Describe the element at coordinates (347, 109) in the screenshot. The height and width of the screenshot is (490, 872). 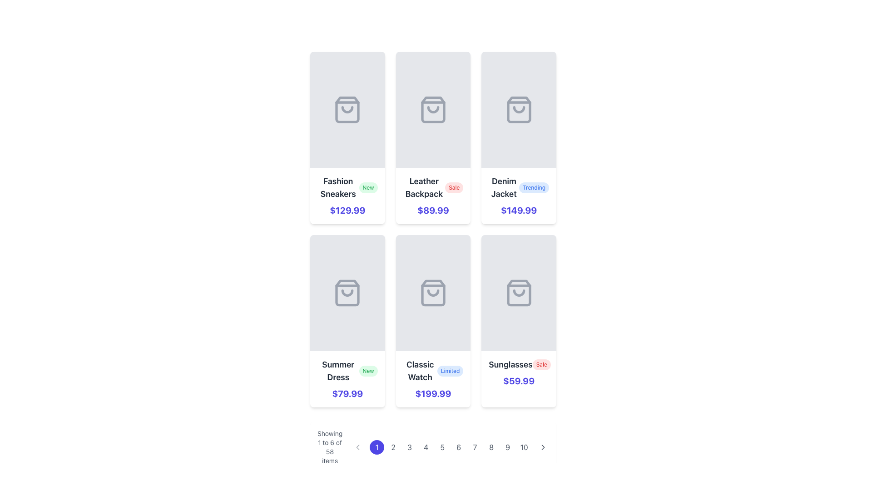
I see `the shopping bag icon located in the top-left card of the 3x2 grid layout` at that location.